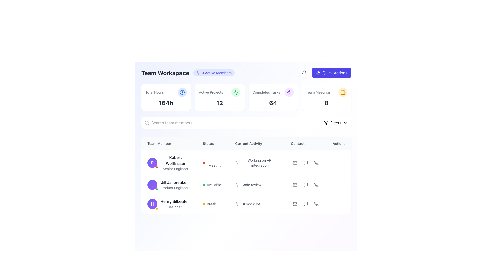 This screenshot has width=482, height=271. Describe the element at coordinates (295, 204) in the screenshot. I see `the SVG graphic component that represents the email messaging option in the 'Contact' column of the 'Actions' row` at that location.